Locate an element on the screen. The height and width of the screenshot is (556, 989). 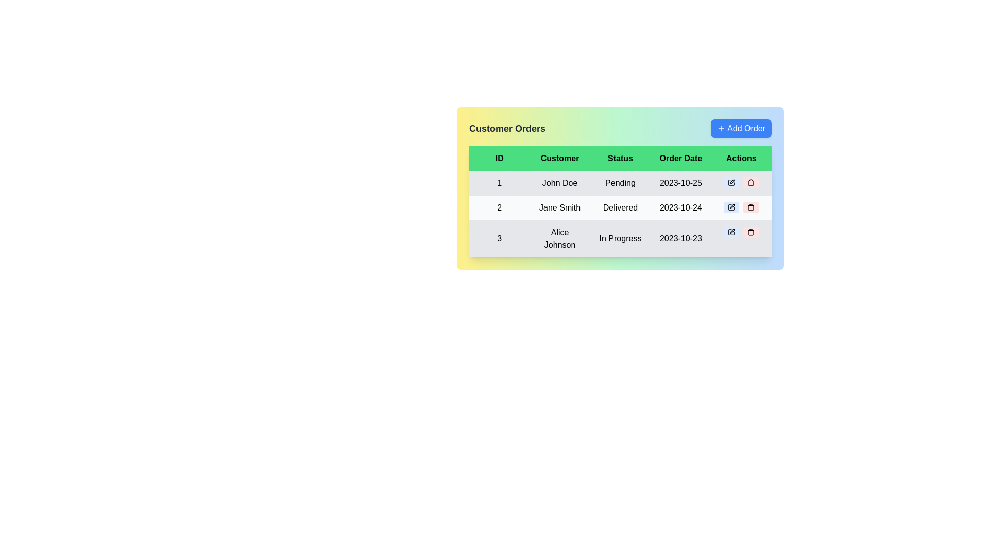
the static text label displaying 'Delivered' in black text, which is centrally positioned in its cell in the third column of the second row of the table is located at coordinates (620, 208).